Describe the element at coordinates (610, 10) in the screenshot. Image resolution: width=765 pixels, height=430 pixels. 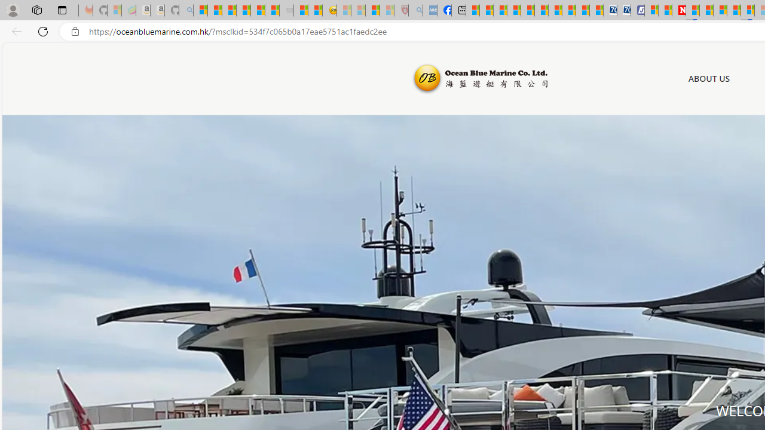
I see `'Cheap Car Rentals - Save70.com'` at that location.